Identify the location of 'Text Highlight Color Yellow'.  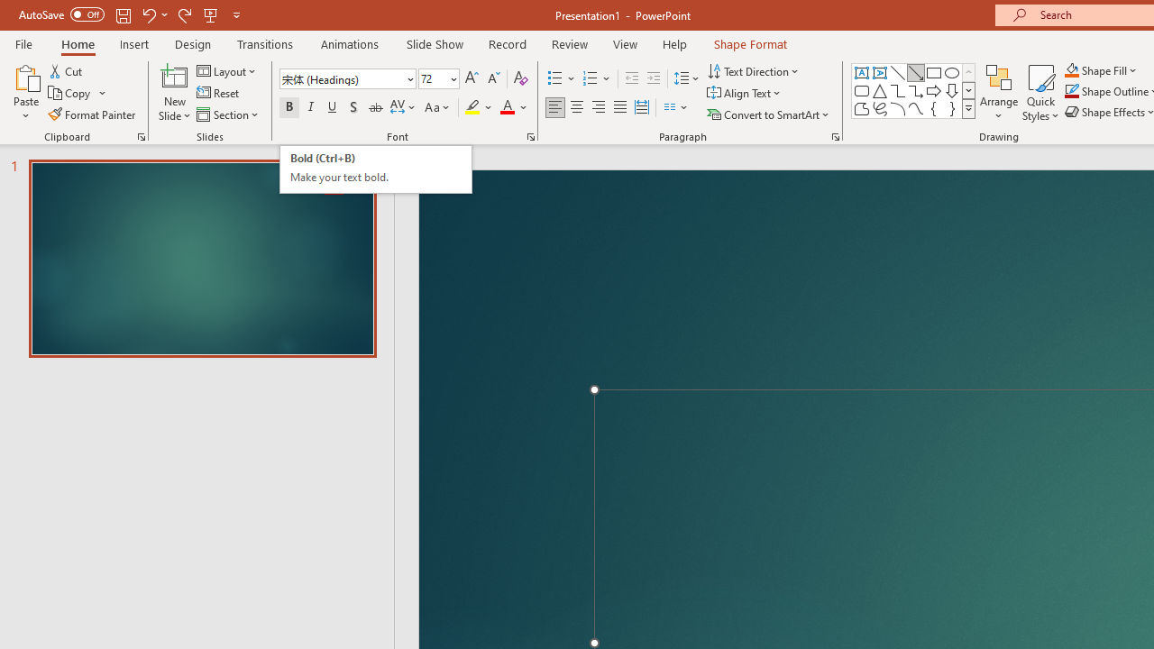
(472, 107).